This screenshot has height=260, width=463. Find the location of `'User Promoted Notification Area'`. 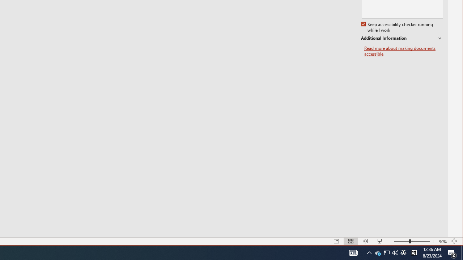

'User Promoted Notification Area' is located at coordinates (386, 252).